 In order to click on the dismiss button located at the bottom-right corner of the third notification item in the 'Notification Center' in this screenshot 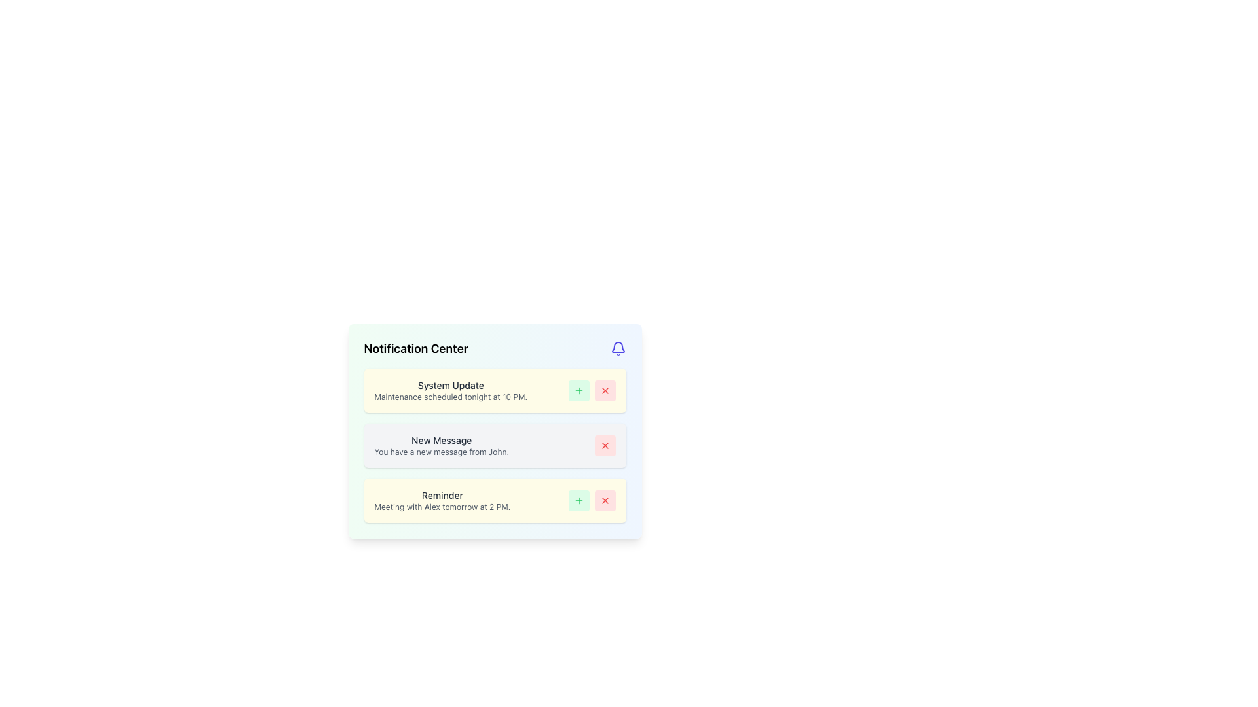, I will do `click(604, 500)`.